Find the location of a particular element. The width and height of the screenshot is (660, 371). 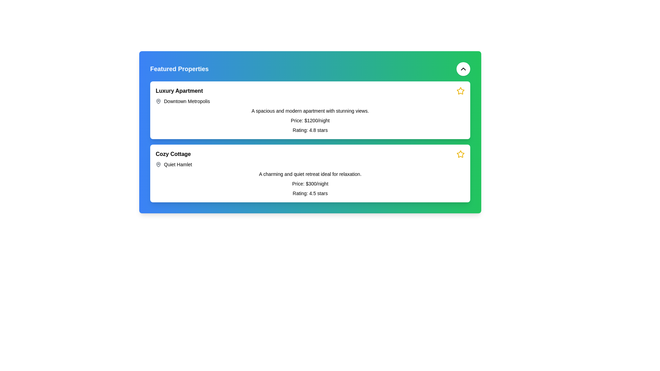

the circular button with a white background and upward-facing arrow icon is located at coordinates (463, 69).